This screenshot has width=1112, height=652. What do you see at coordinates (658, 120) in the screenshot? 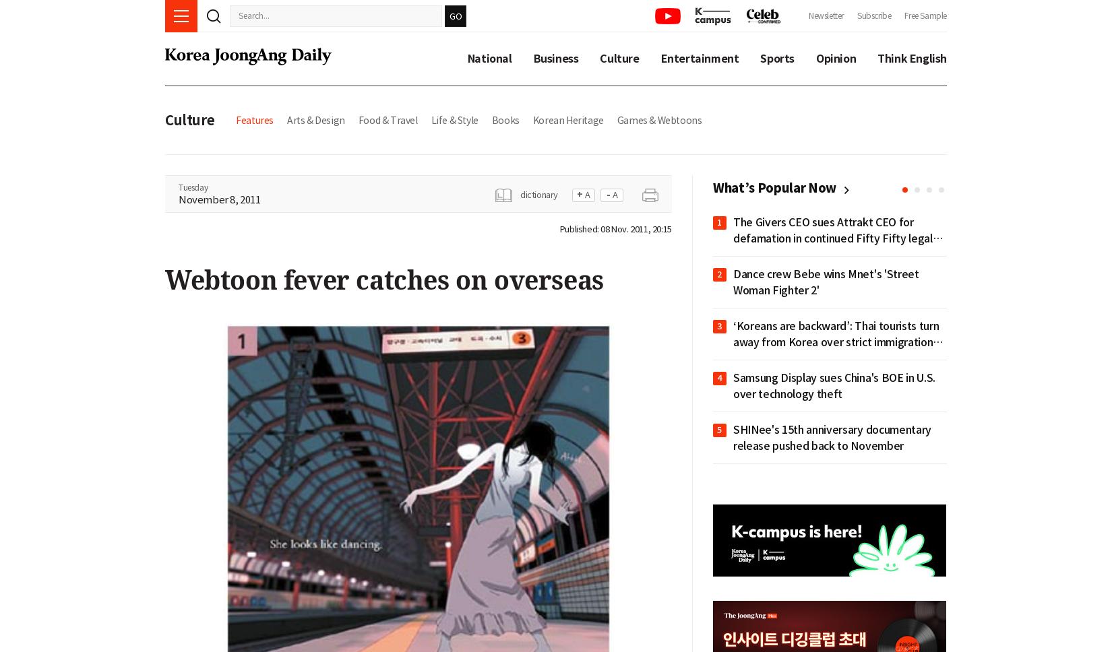
I see `'Games & Webtoons'` at bounding box center [658, 120].